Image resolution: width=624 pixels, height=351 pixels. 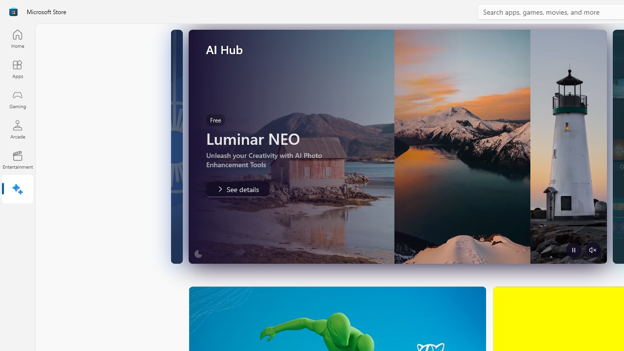 I want to click on 'Home', so click(x=17, y=38).